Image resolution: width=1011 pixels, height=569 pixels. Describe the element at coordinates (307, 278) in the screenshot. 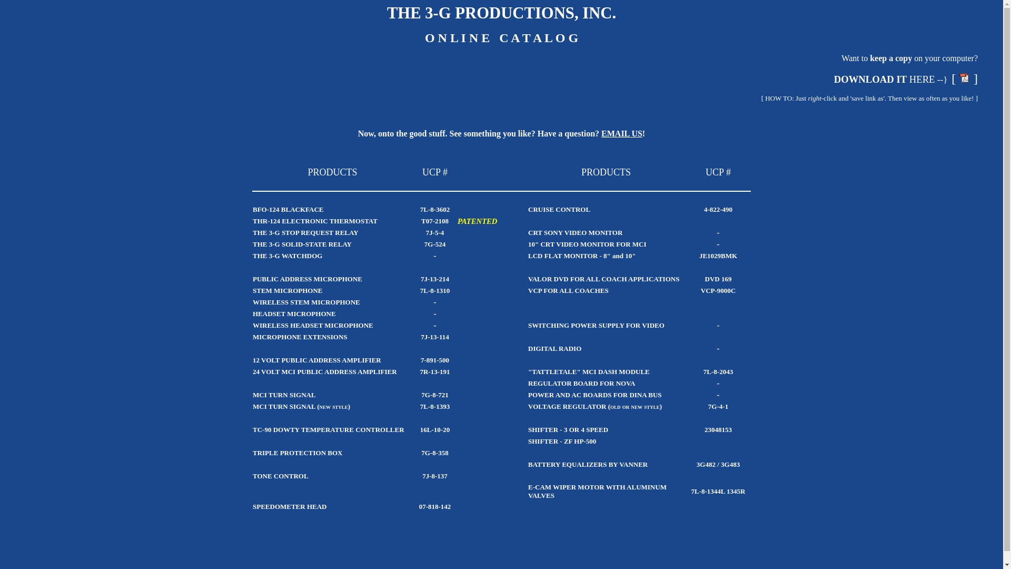

I see `'PUBLIC ADDRESS MICROPHONE'` at that location.